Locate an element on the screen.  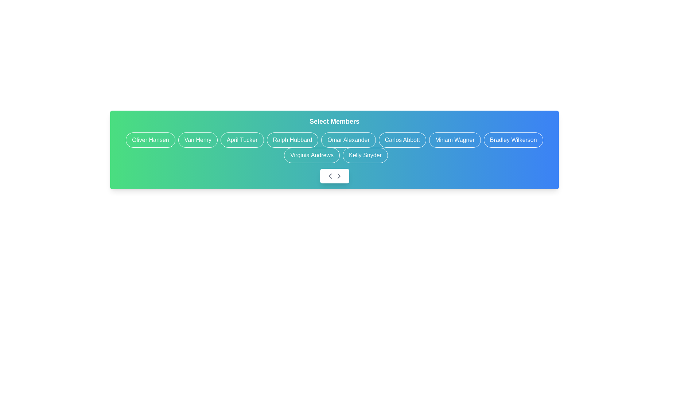
the button representing 'Omar Alexander', which is the fifth button from the left in a horizontally aligned group is located at coordinates (348, 140).